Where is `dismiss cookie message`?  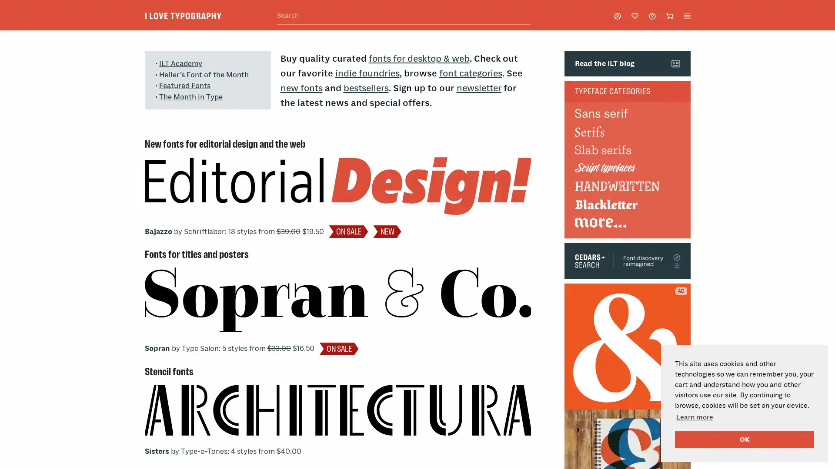
dismiss cookie message is located at coordinates (744, 439).